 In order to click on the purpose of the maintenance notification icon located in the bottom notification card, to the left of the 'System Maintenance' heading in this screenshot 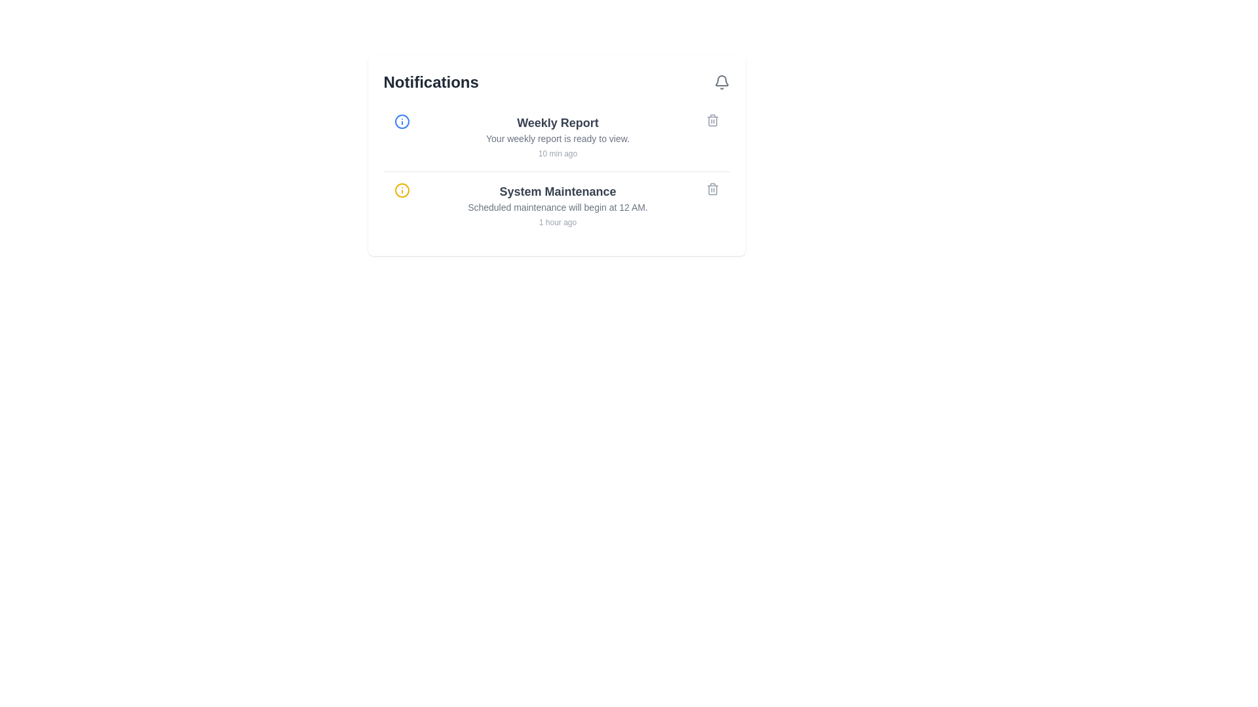, I will do `click(401, 190)`.